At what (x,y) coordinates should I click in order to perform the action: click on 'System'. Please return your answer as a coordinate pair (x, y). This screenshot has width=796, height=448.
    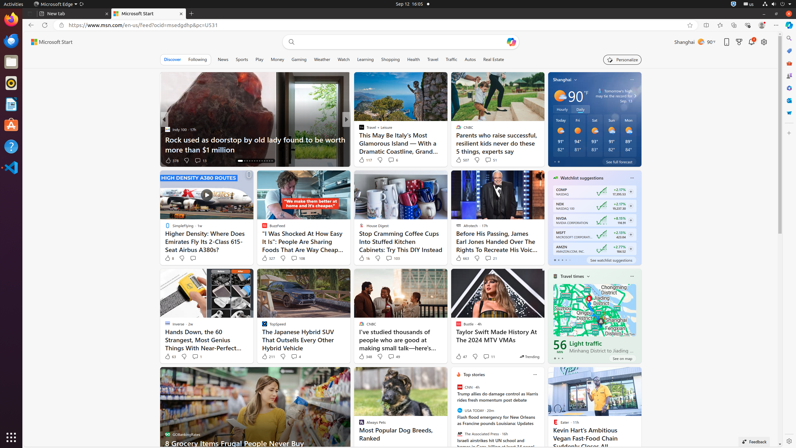
    Looking at the image, I should click on (777, 4).